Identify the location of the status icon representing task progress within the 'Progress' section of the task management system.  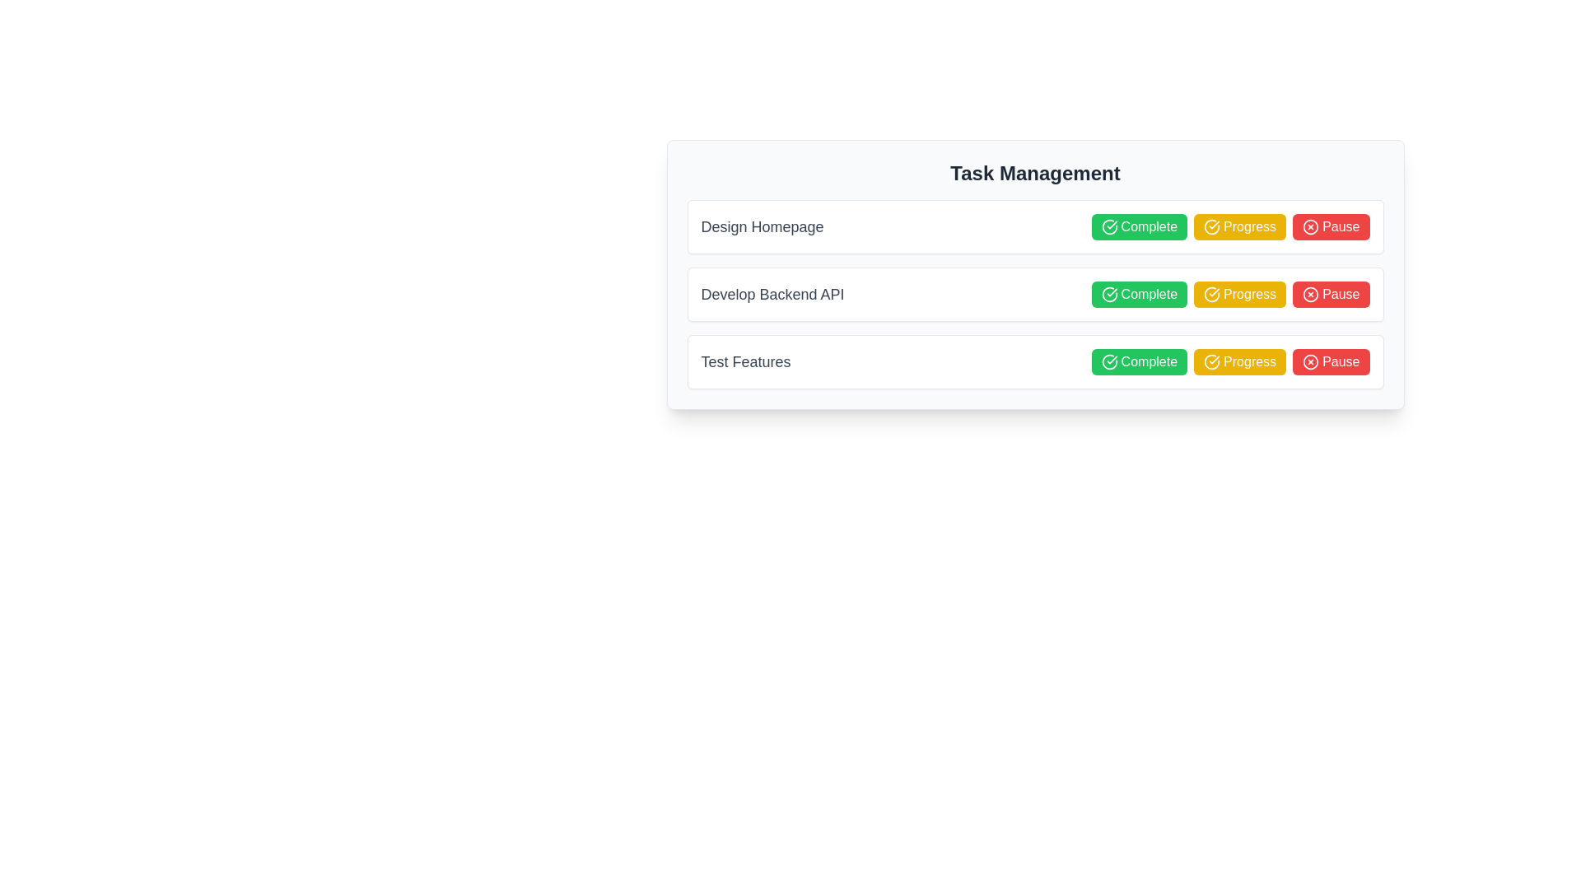
(1212, 294).